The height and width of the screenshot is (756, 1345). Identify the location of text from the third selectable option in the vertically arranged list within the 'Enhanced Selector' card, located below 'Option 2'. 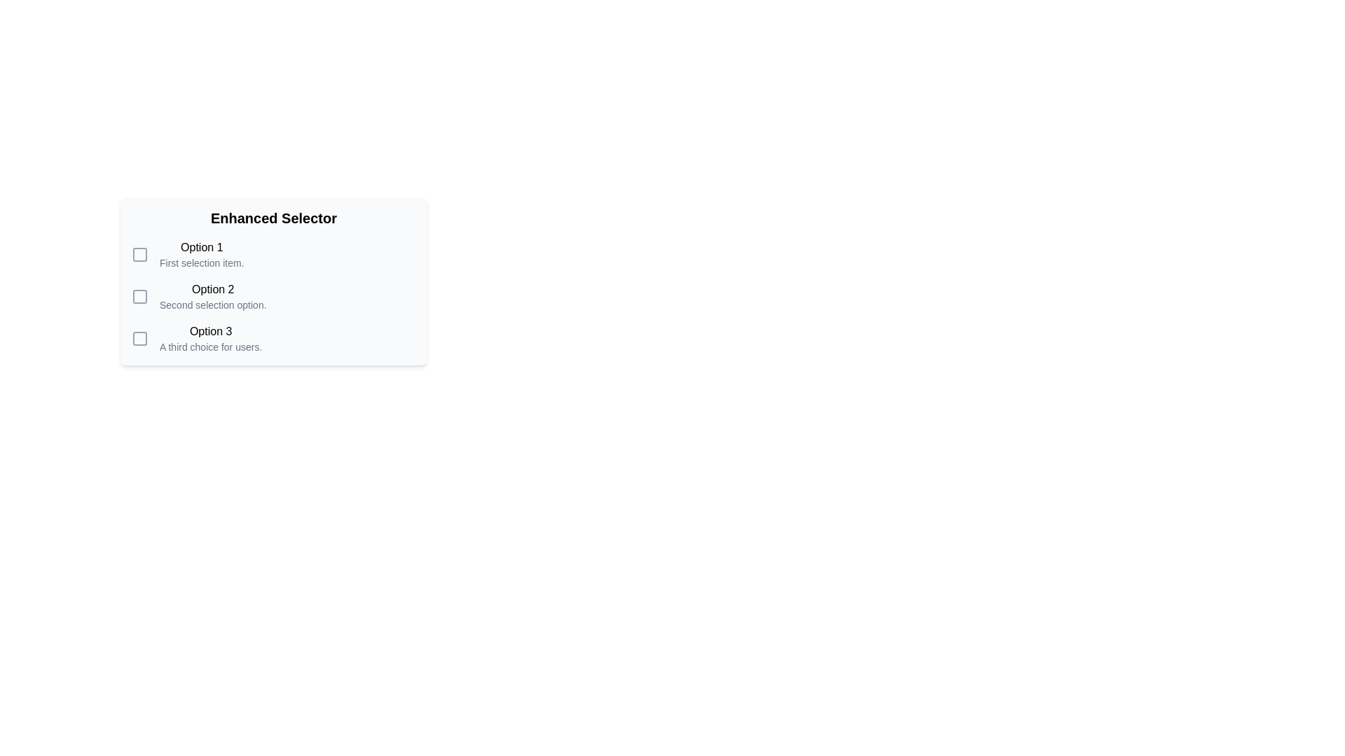
(210, 338).